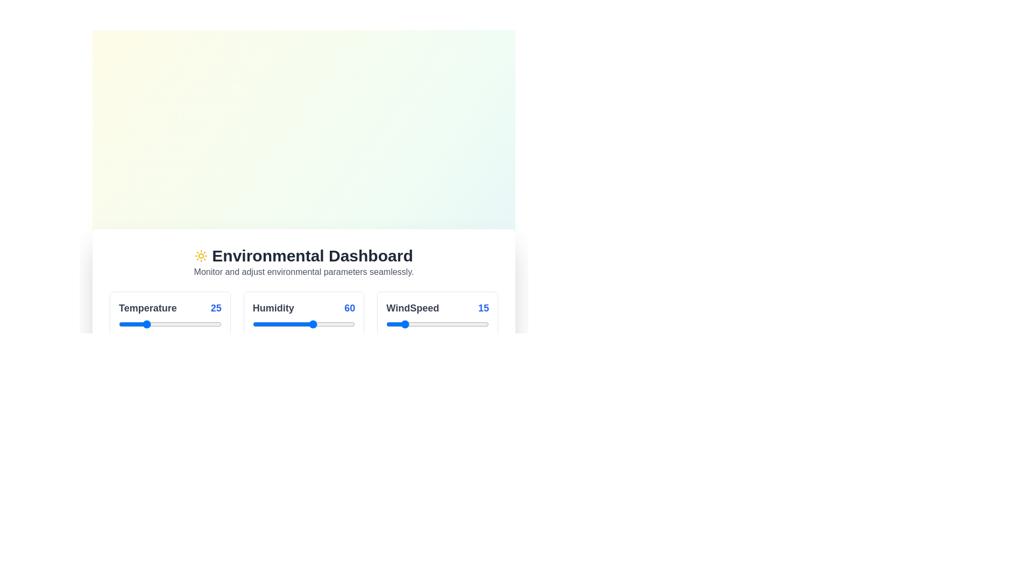 This screenshot has width=1033, height=581. Describe the element at coordinates (212, 323) in the screenshot. I see `the temperature` at that location.